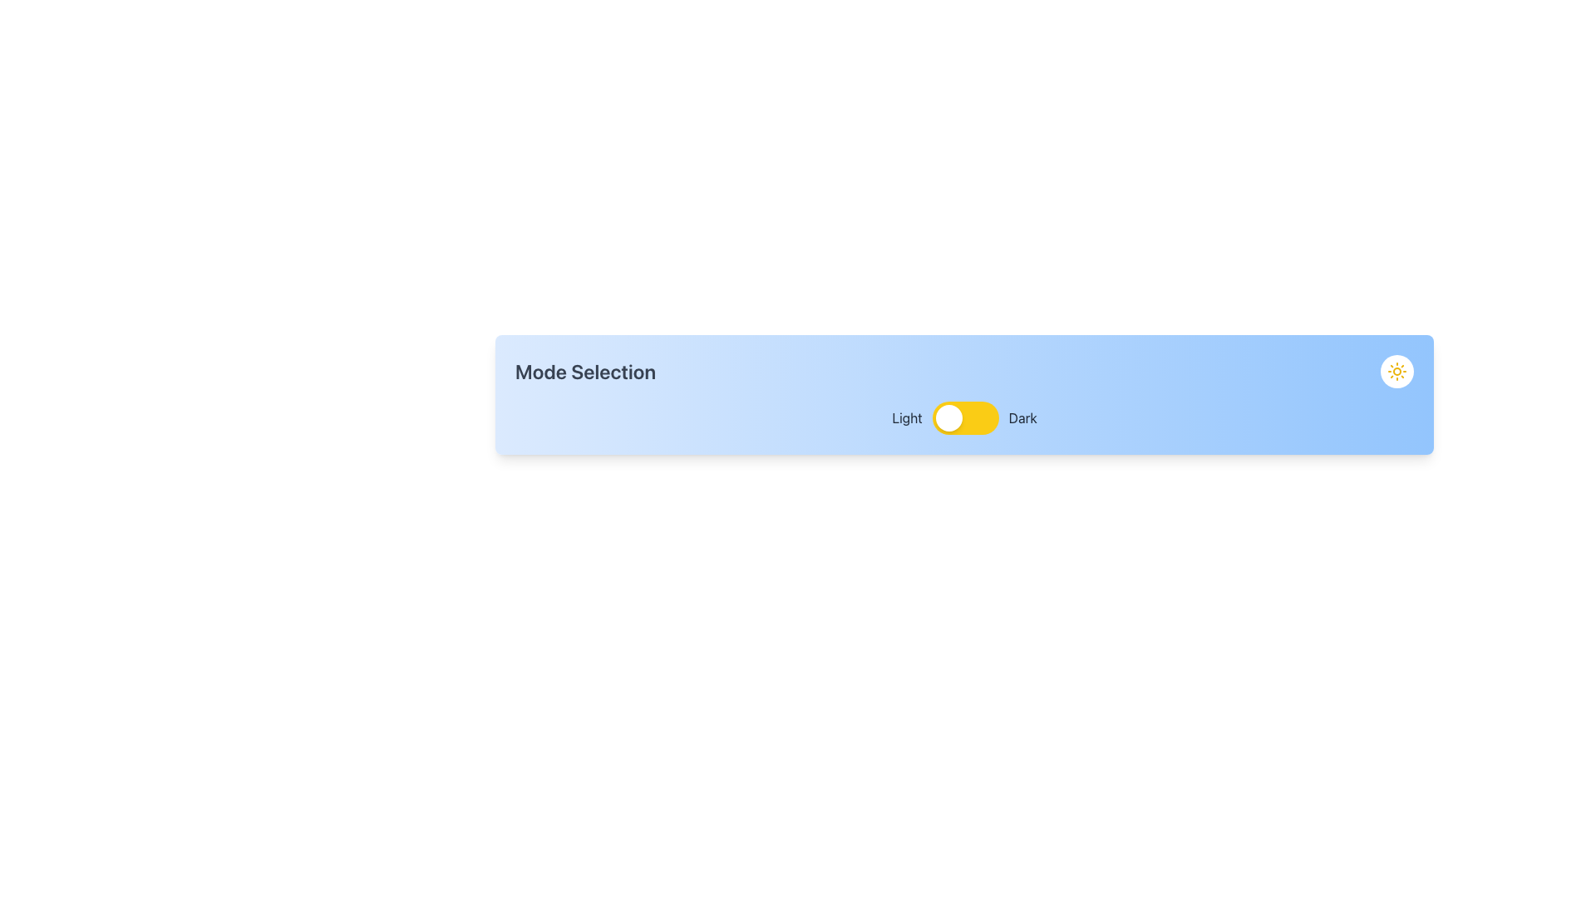 Image resolution: width=1596 pixels, height=898 pixels. What do you see at coordinates (585, 371) in the screenshot?
I see `the Text Label that serves as the section title for the 'Mode Selection' feature, located towards the top-left corner of the navigation panel, to the far left of a toggle switch and an icon` at bounding box center [585, 371].